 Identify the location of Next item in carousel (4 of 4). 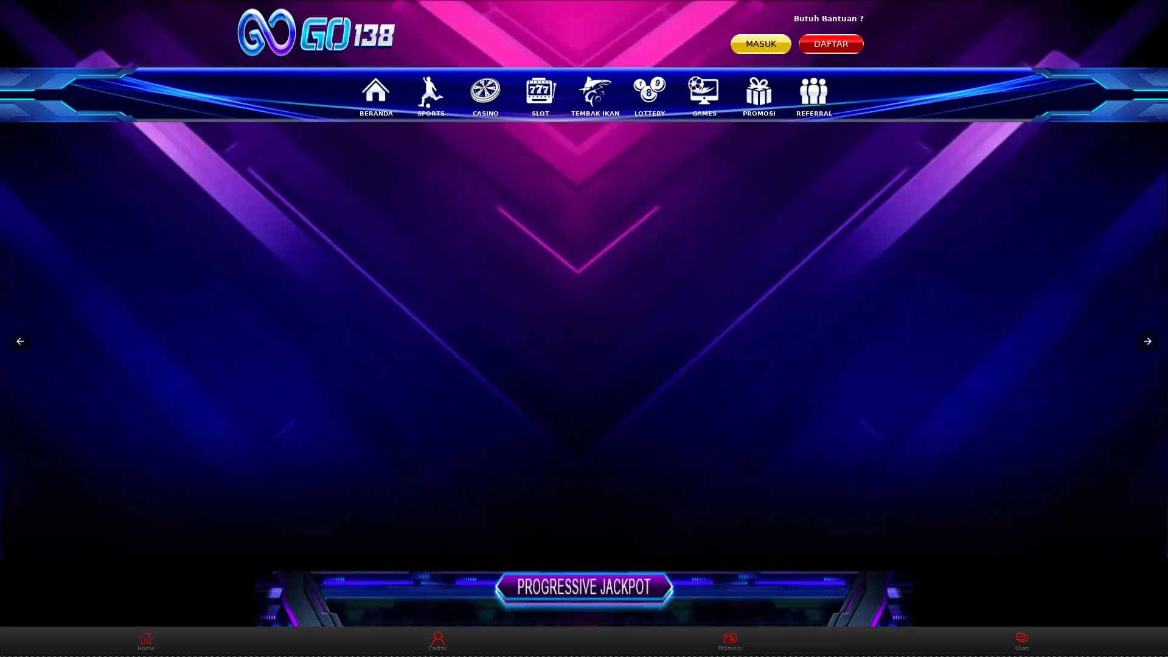
(1147, 341).